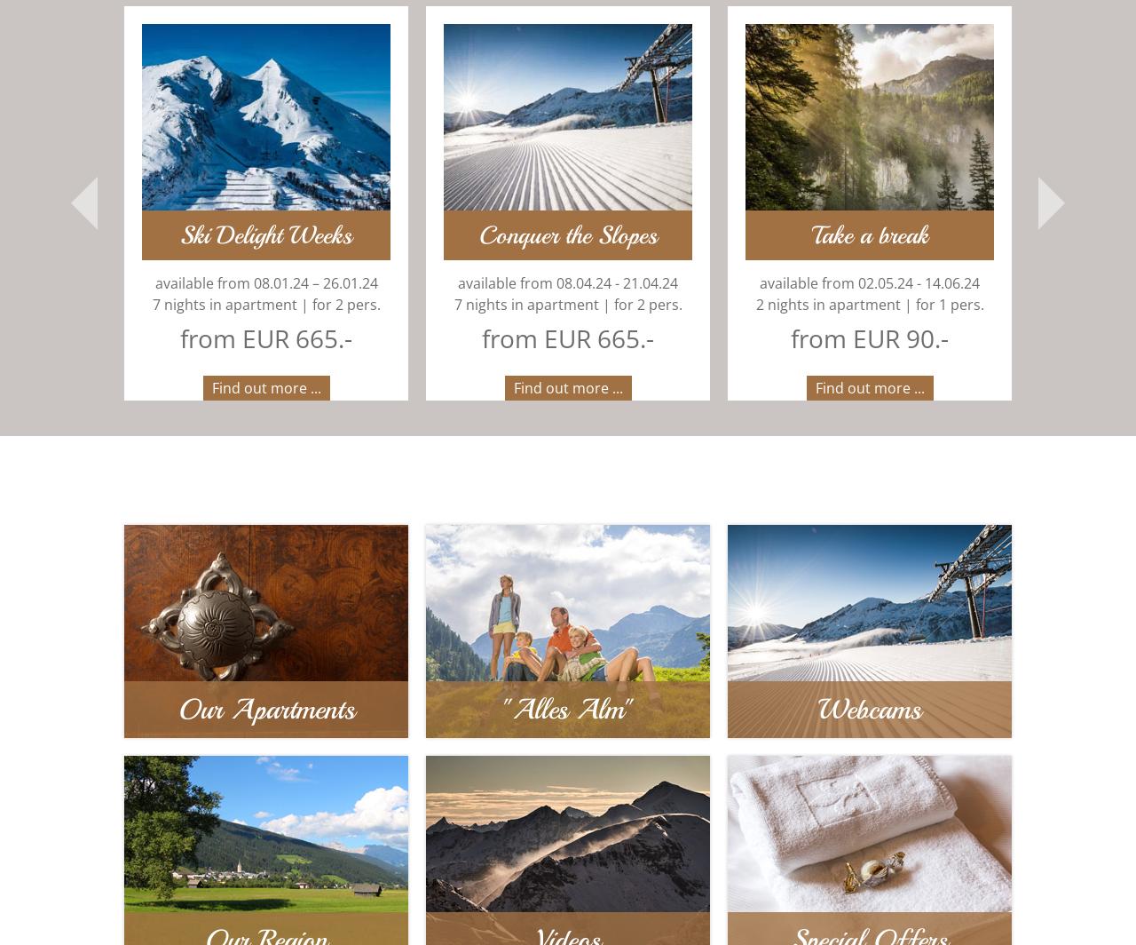 This screenshot has height=945, width=1136. Describe the element at coordinates (566, 711) in the screenshot. I see `'"Alles Alm"'` at that location.